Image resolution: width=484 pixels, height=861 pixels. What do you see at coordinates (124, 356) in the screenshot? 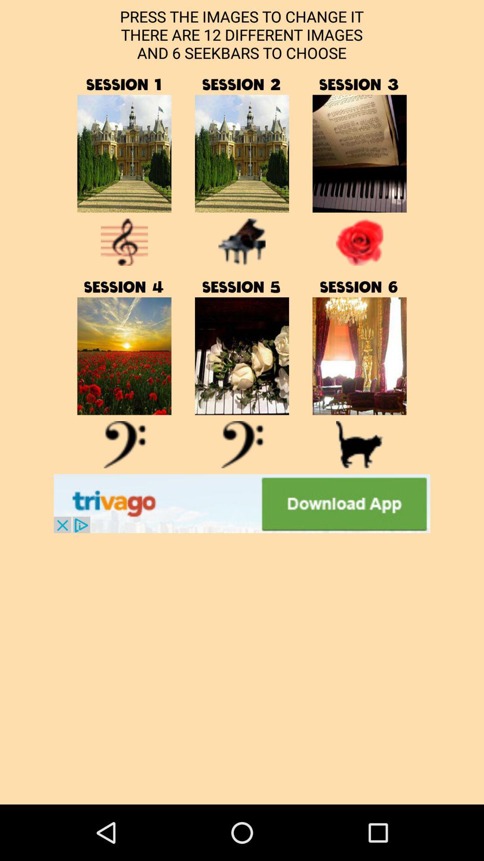
I see `open` at bounding box center [124, 356].